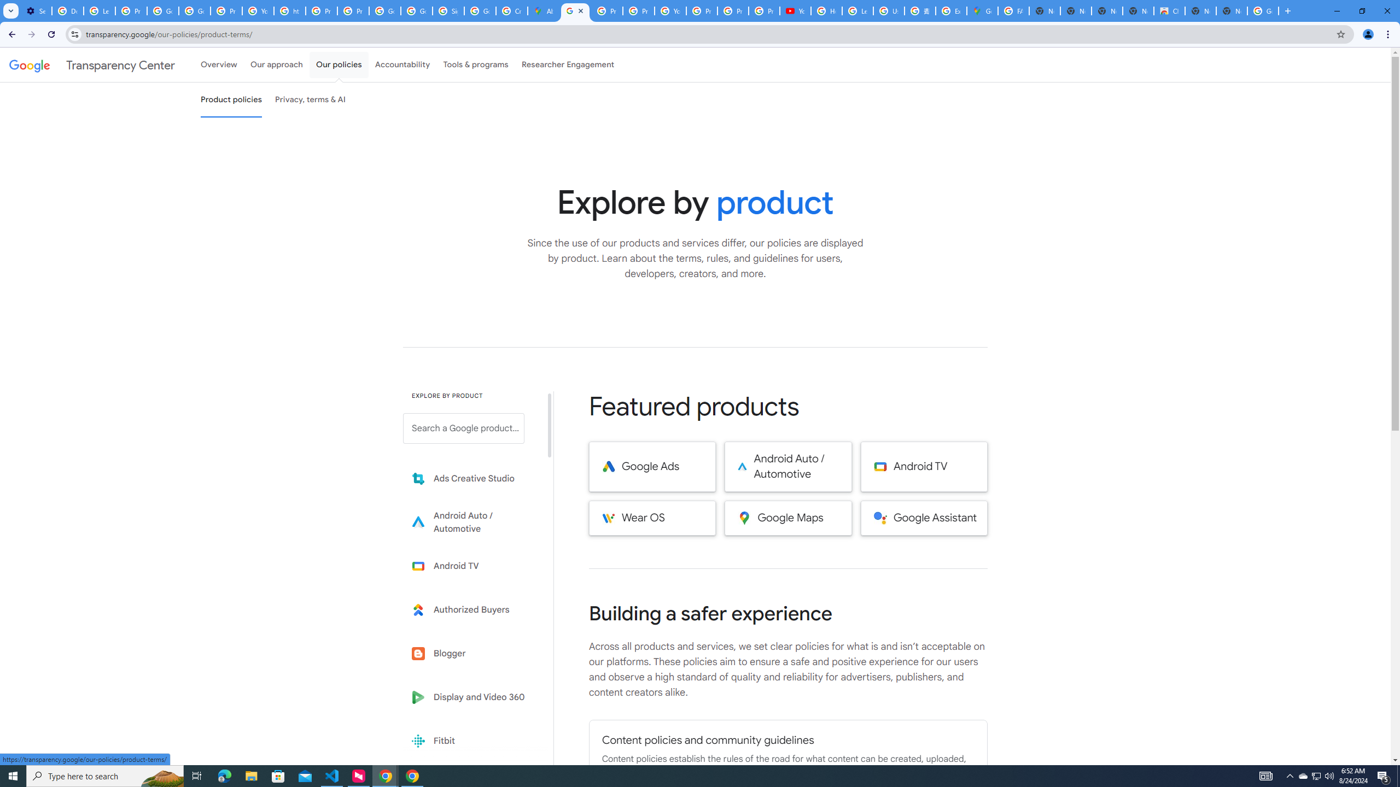  Describe the element at coordinates (471, 653) in the screenshot. I see `'Blogger'` at that location.